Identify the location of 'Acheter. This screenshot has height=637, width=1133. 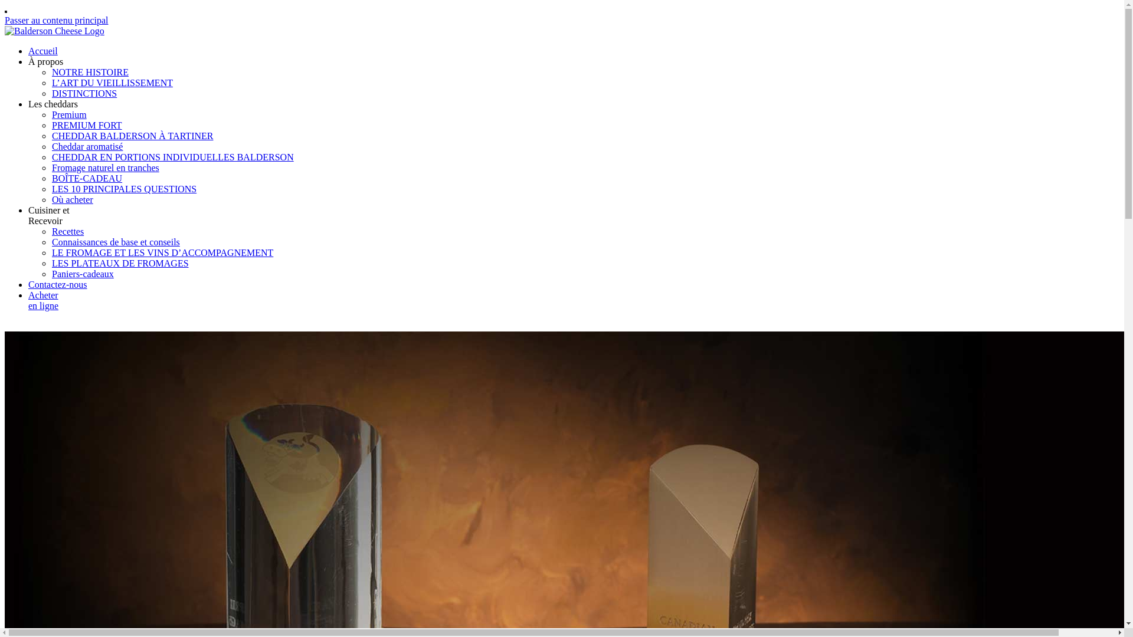
(43, 300).